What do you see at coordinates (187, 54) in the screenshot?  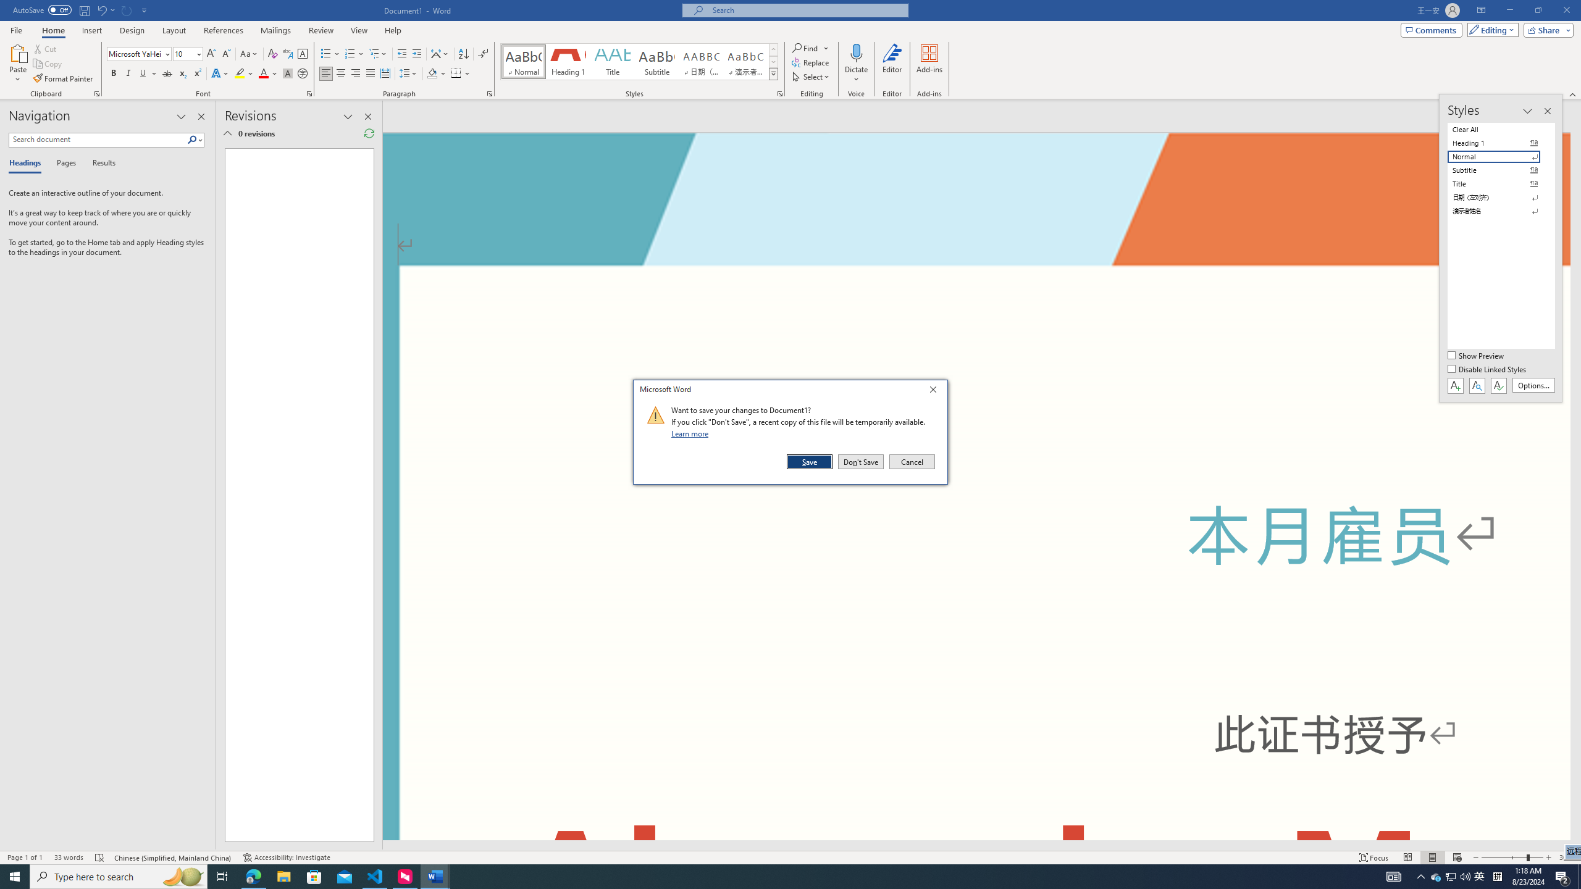 I see `'Font Size'` at bounding box center [187, 54].